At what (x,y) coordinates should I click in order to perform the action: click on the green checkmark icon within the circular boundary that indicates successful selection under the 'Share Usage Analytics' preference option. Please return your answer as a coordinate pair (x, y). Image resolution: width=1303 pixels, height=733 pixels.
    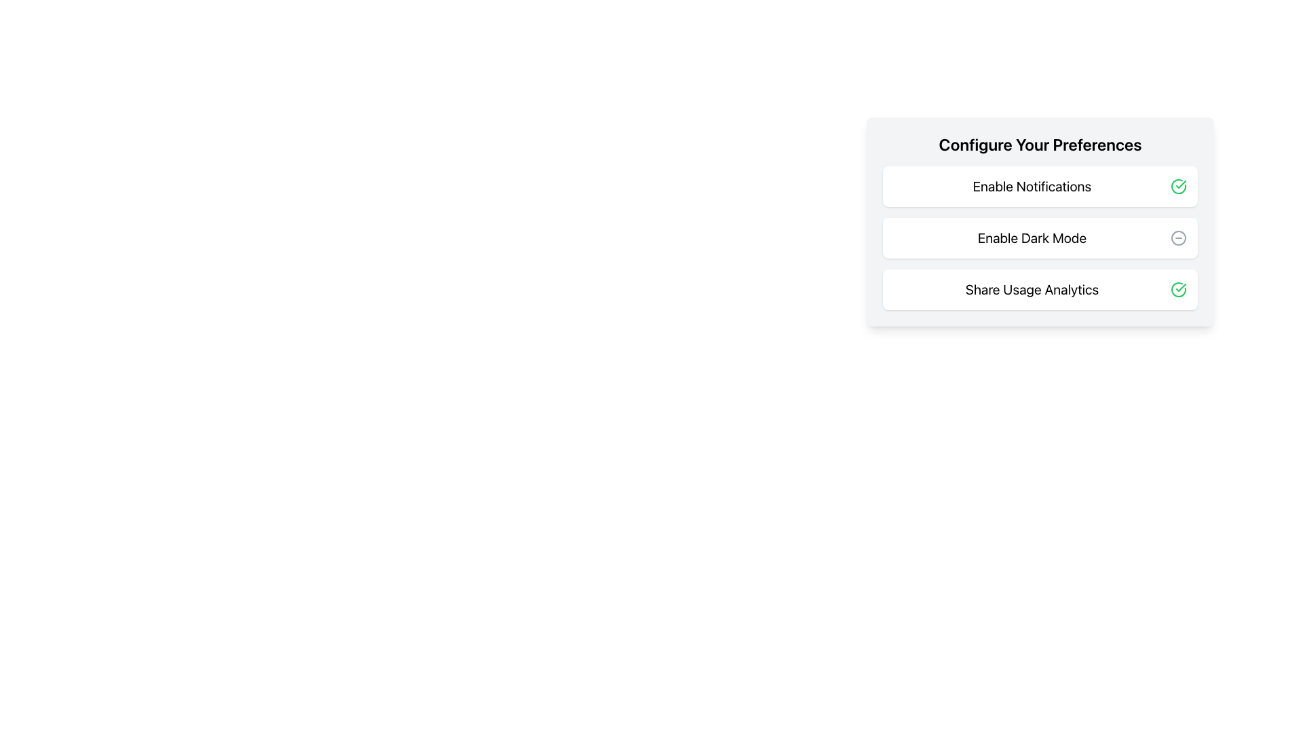
    Looking at the image, I should click on (1180, 185).